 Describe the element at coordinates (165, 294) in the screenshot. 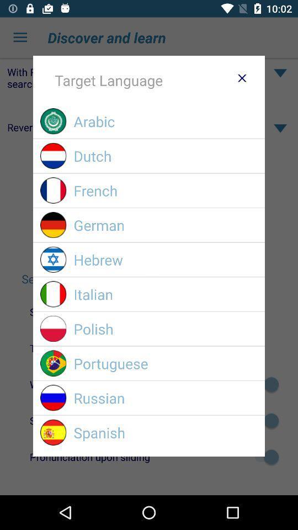

I see `italian item` at that location.